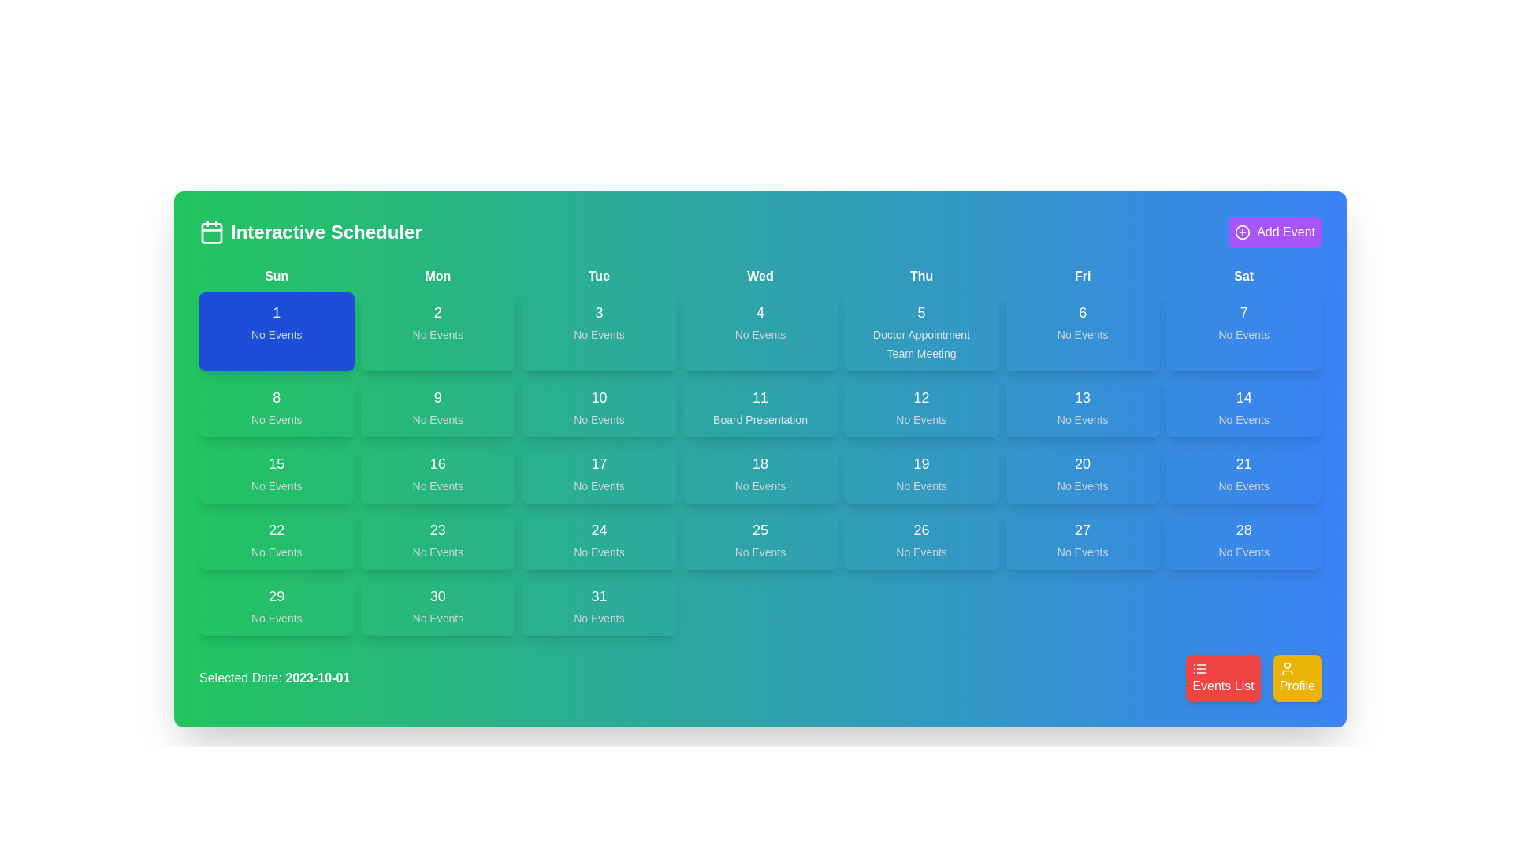  I want to click on the text indicating the 11th day of the month in the fourth column and third row of the calendar grid, so click(760, 397).